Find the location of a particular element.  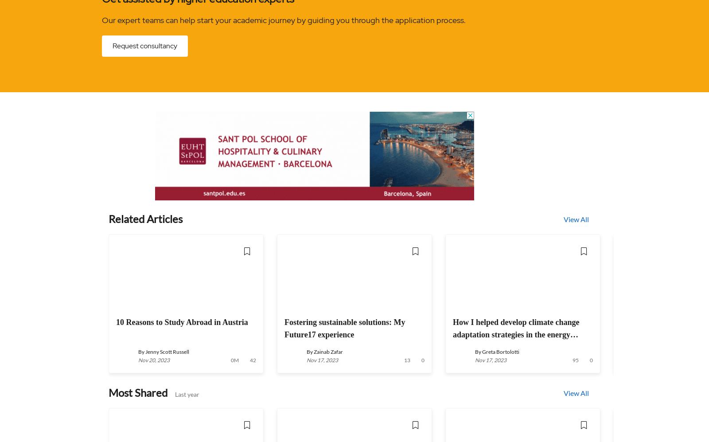

'Related Articles' is located at coordinates (145, 219).